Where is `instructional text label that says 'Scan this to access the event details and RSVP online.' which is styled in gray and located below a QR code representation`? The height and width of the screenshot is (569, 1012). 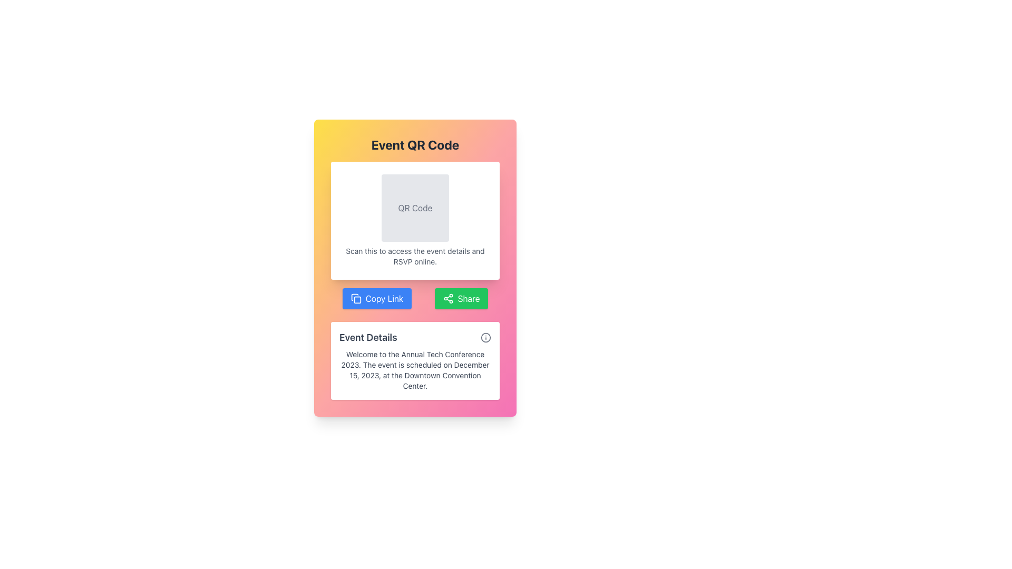 instructional text label that says 'Scan this to access the event details and RSVP online.' which is styled in gray and located below a QR code representation is located at coordinates (414, 256).